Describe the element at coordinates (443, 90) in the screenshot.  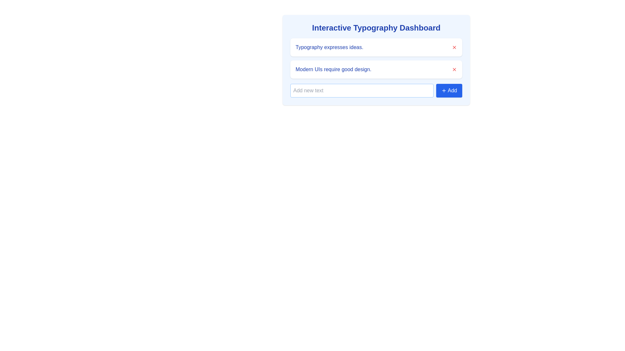
I see `the '+' icon of the 'Add' button` at that location.